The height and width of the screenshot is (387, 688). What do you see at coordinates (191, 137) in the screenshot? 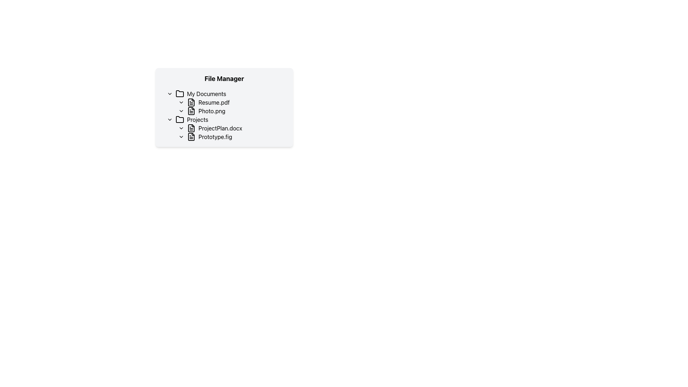
I see `the SVG-based vector icon representing a document, which is located inline before the text 'Prototype.fig' under the 'Projects' heading in a file manager interface` at bounding box center [191, 137].